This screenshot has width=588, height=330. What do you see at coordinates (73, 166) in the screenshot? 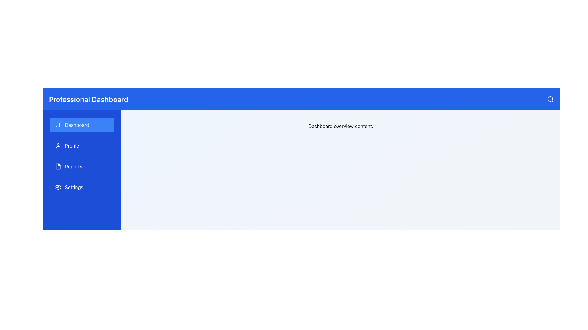
I see `the 'Reports' text label in white font on a blue background` at bounding box center [73, 166].